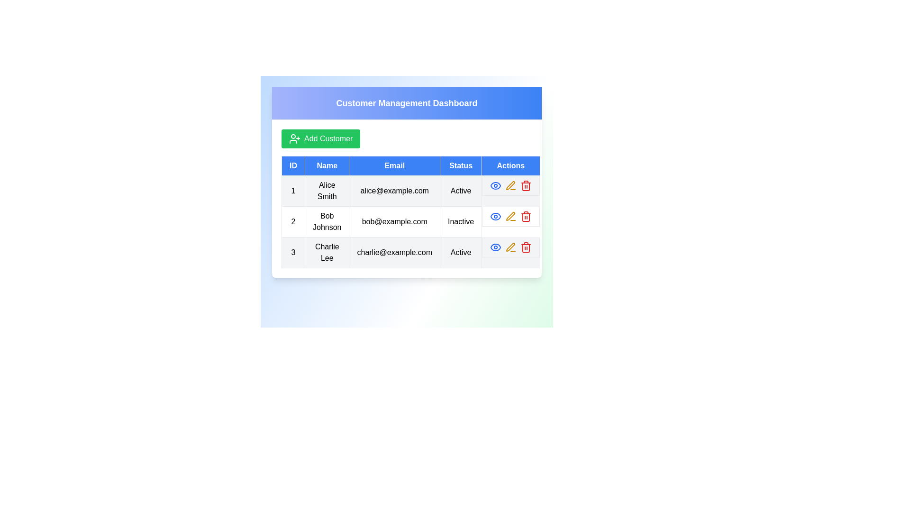 Image resolution: width=910 pixels, height=512 pixels. I want to click on the 'Add Customer' button to initiate the process of adding a new customer, so click(320, 139).